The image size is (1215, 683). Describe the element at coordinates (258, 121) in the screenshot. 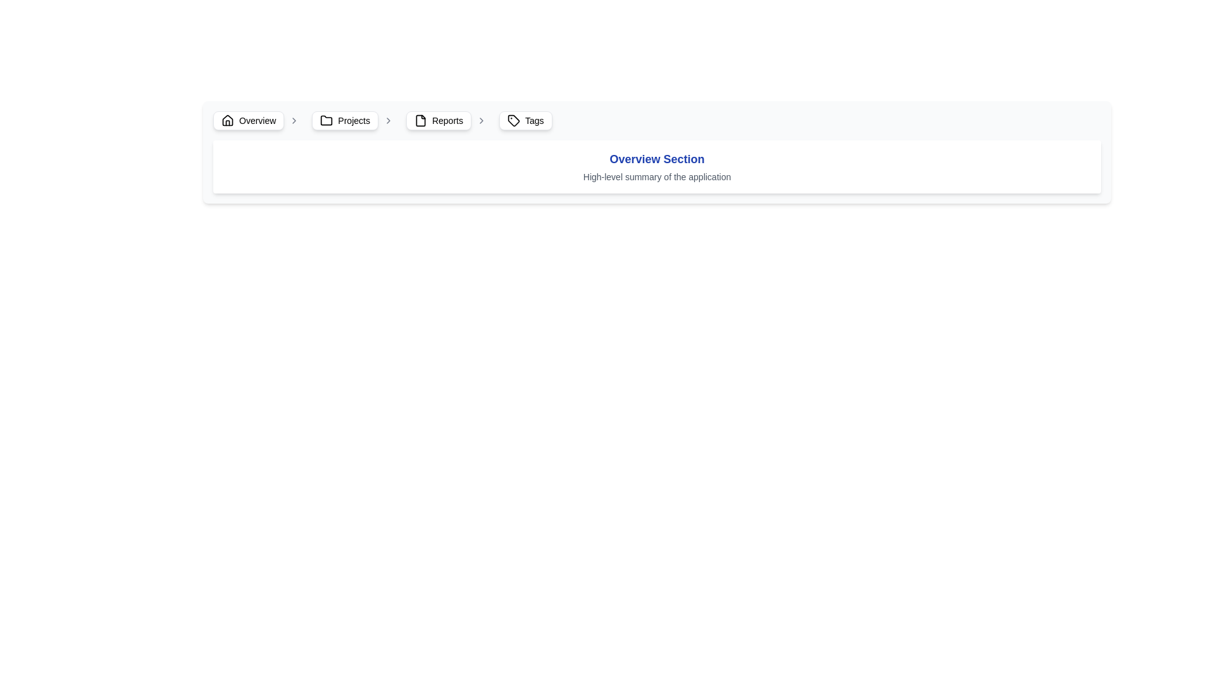

I see `the breadcrumb navigation item with a house icon and the text 'Overview'` at that location.